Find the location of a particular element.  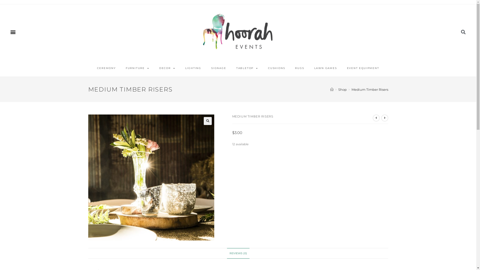

'FURNITURE' is located at coordinates (121, 68).